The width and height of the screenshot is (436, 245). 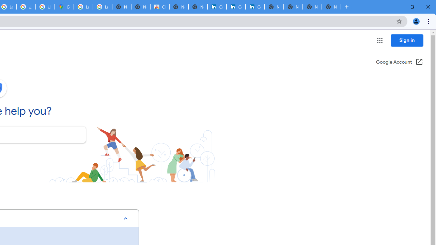 What do you see at coordinates (254, 7) in the screenshot?
I see `'Copyright Policy'` at bounding box center [254, 7].